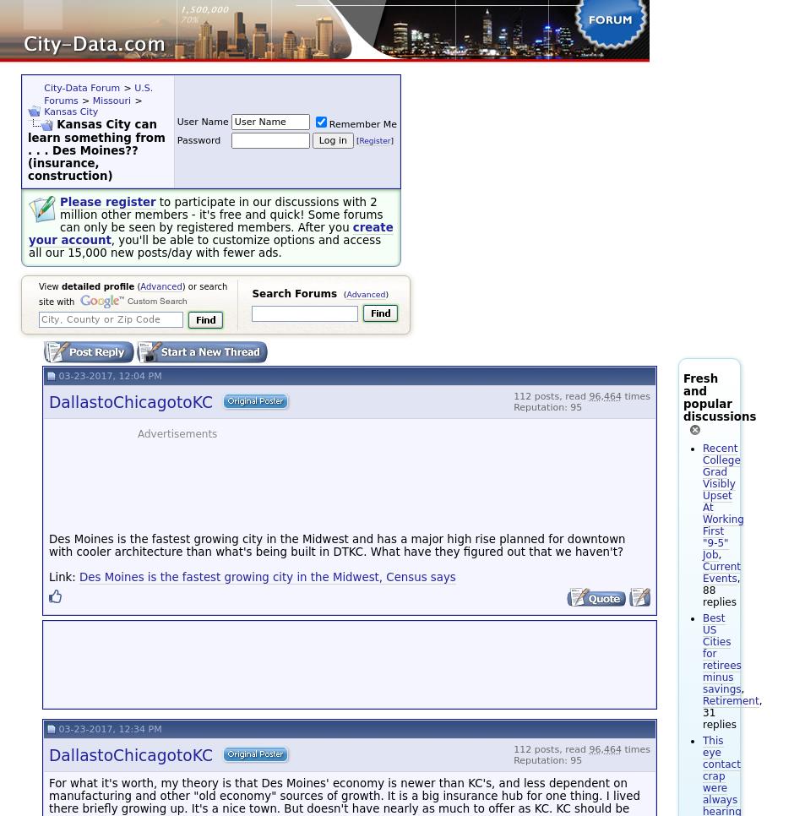  What do you see at coordinates (55, 300) in the screenshot?
I see `'site with'` at bounding box center [55, 300].